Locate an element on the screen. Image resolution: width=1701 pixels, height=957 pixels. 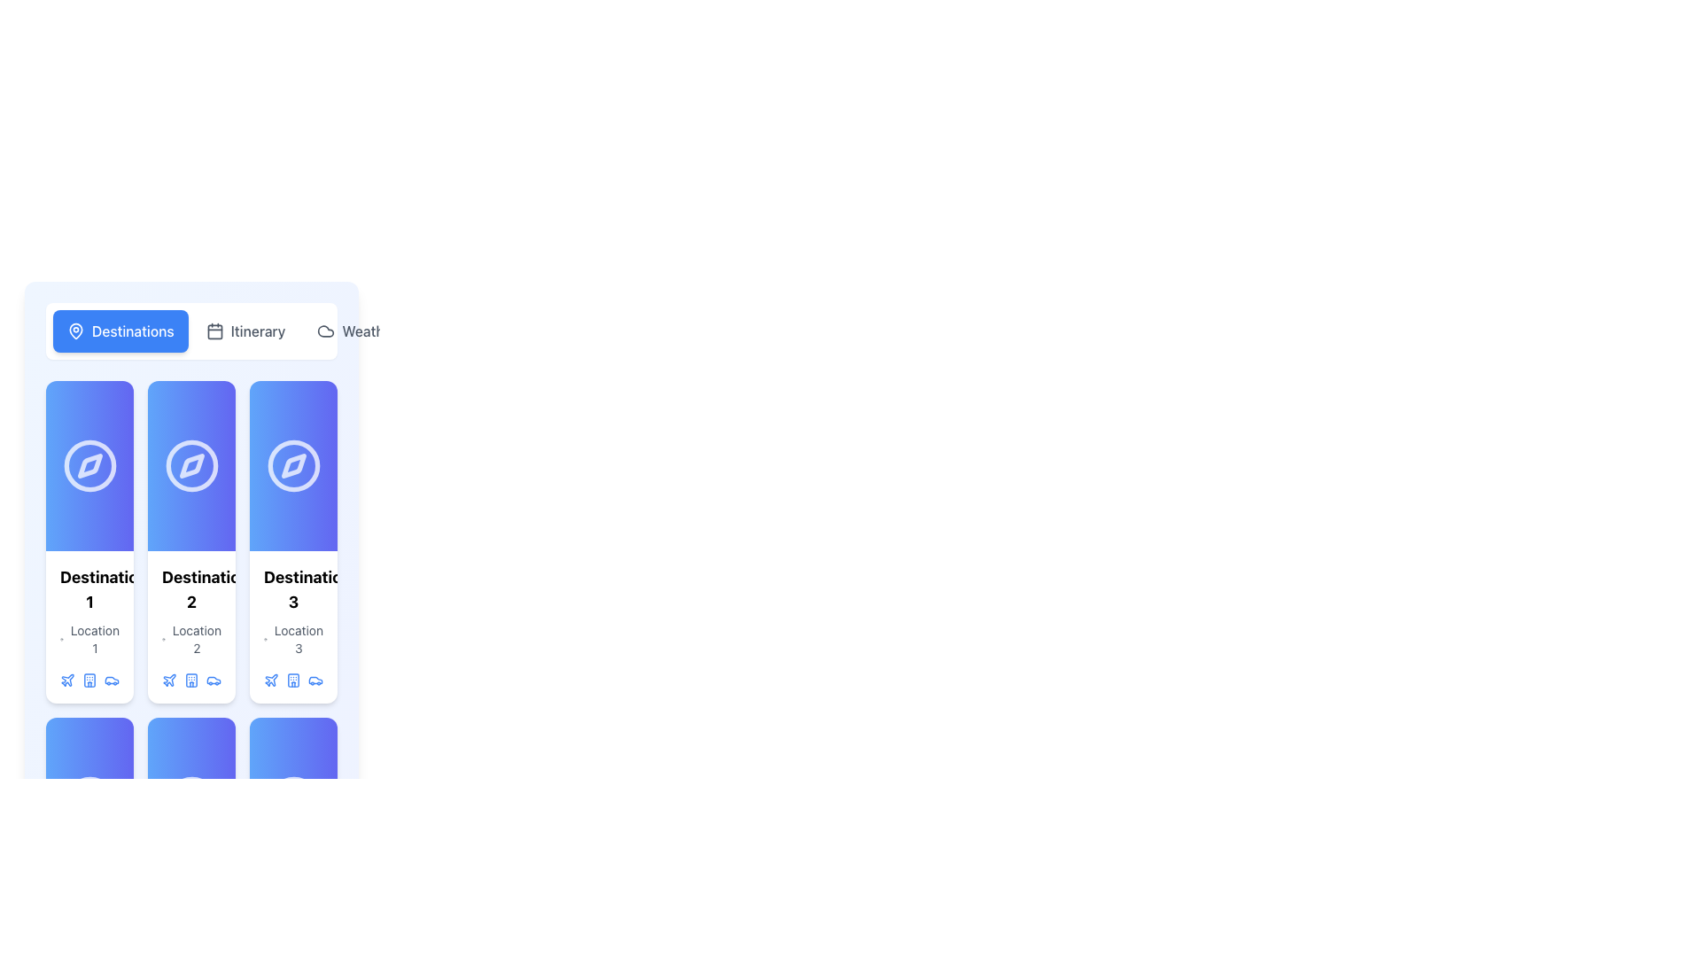
the blue airplane icon, the first icon in the horizontal list below the text content in the card labeled 'Destination 1' is located at coordinates (67, 679).